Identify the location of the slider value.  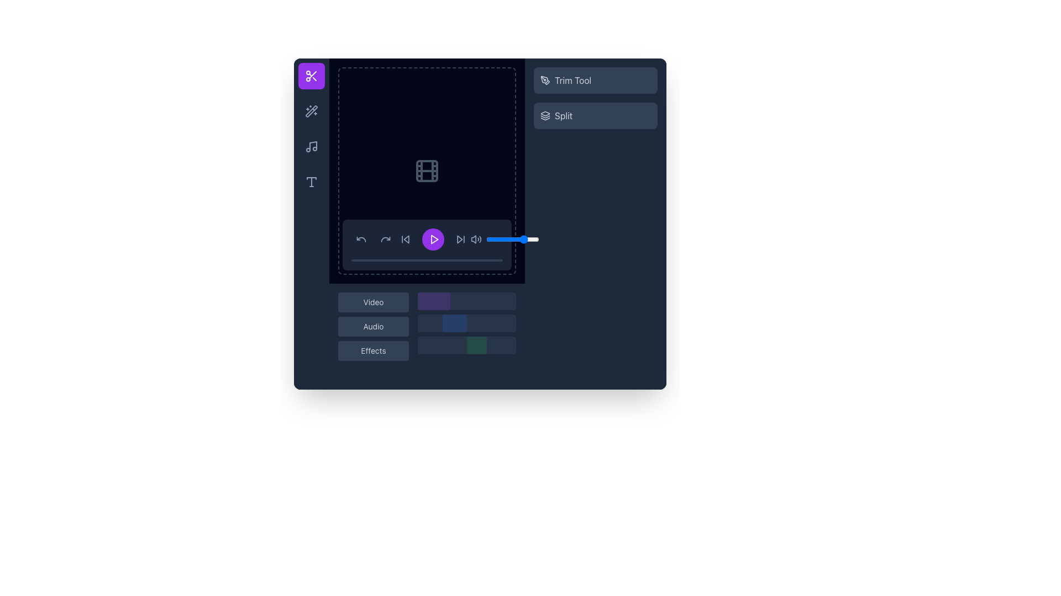
(489, 239).